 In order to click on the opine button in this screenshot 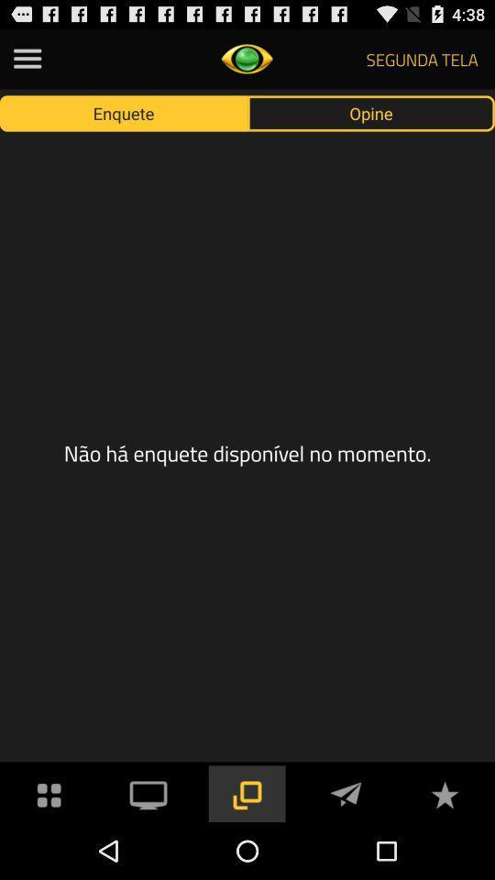, I will do `click(371, 112)`.